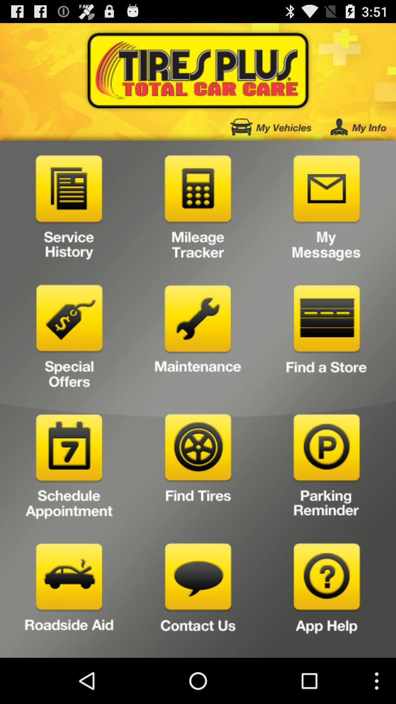  I want to click on app helper option, so click(326, 598).